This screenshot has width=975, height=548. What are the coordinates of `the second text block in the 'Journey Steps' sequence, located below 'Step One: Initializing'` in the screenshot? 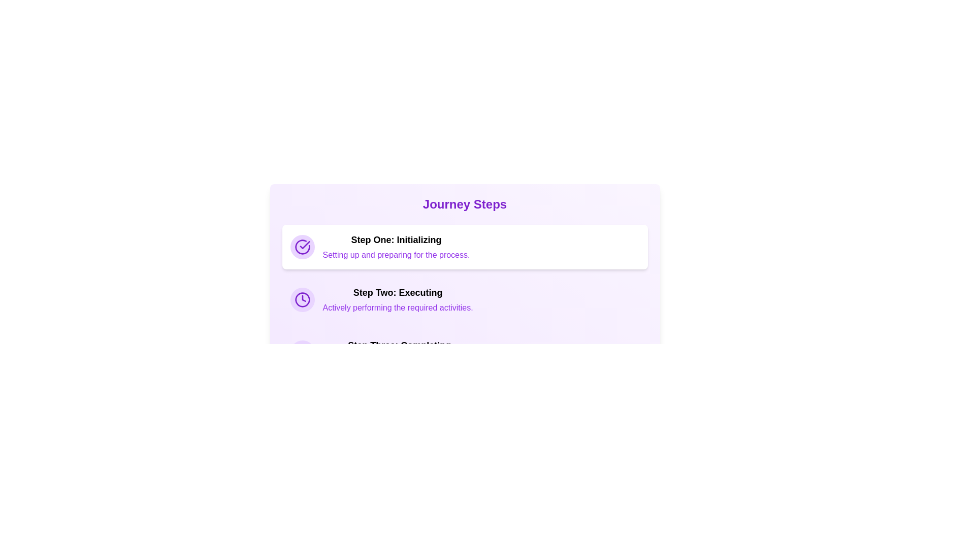 It's located at (397, 299).